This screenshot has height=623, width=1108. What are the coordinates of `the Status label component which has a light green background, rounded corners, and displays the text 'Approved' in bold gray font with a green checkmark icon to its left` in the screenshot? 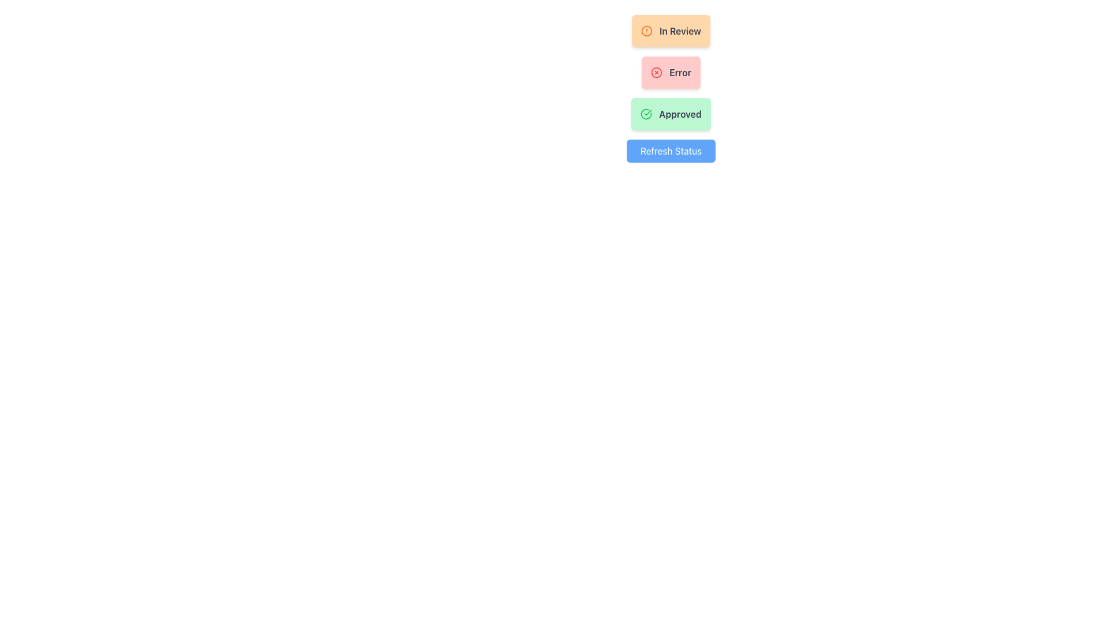 It's located at (671, 114).